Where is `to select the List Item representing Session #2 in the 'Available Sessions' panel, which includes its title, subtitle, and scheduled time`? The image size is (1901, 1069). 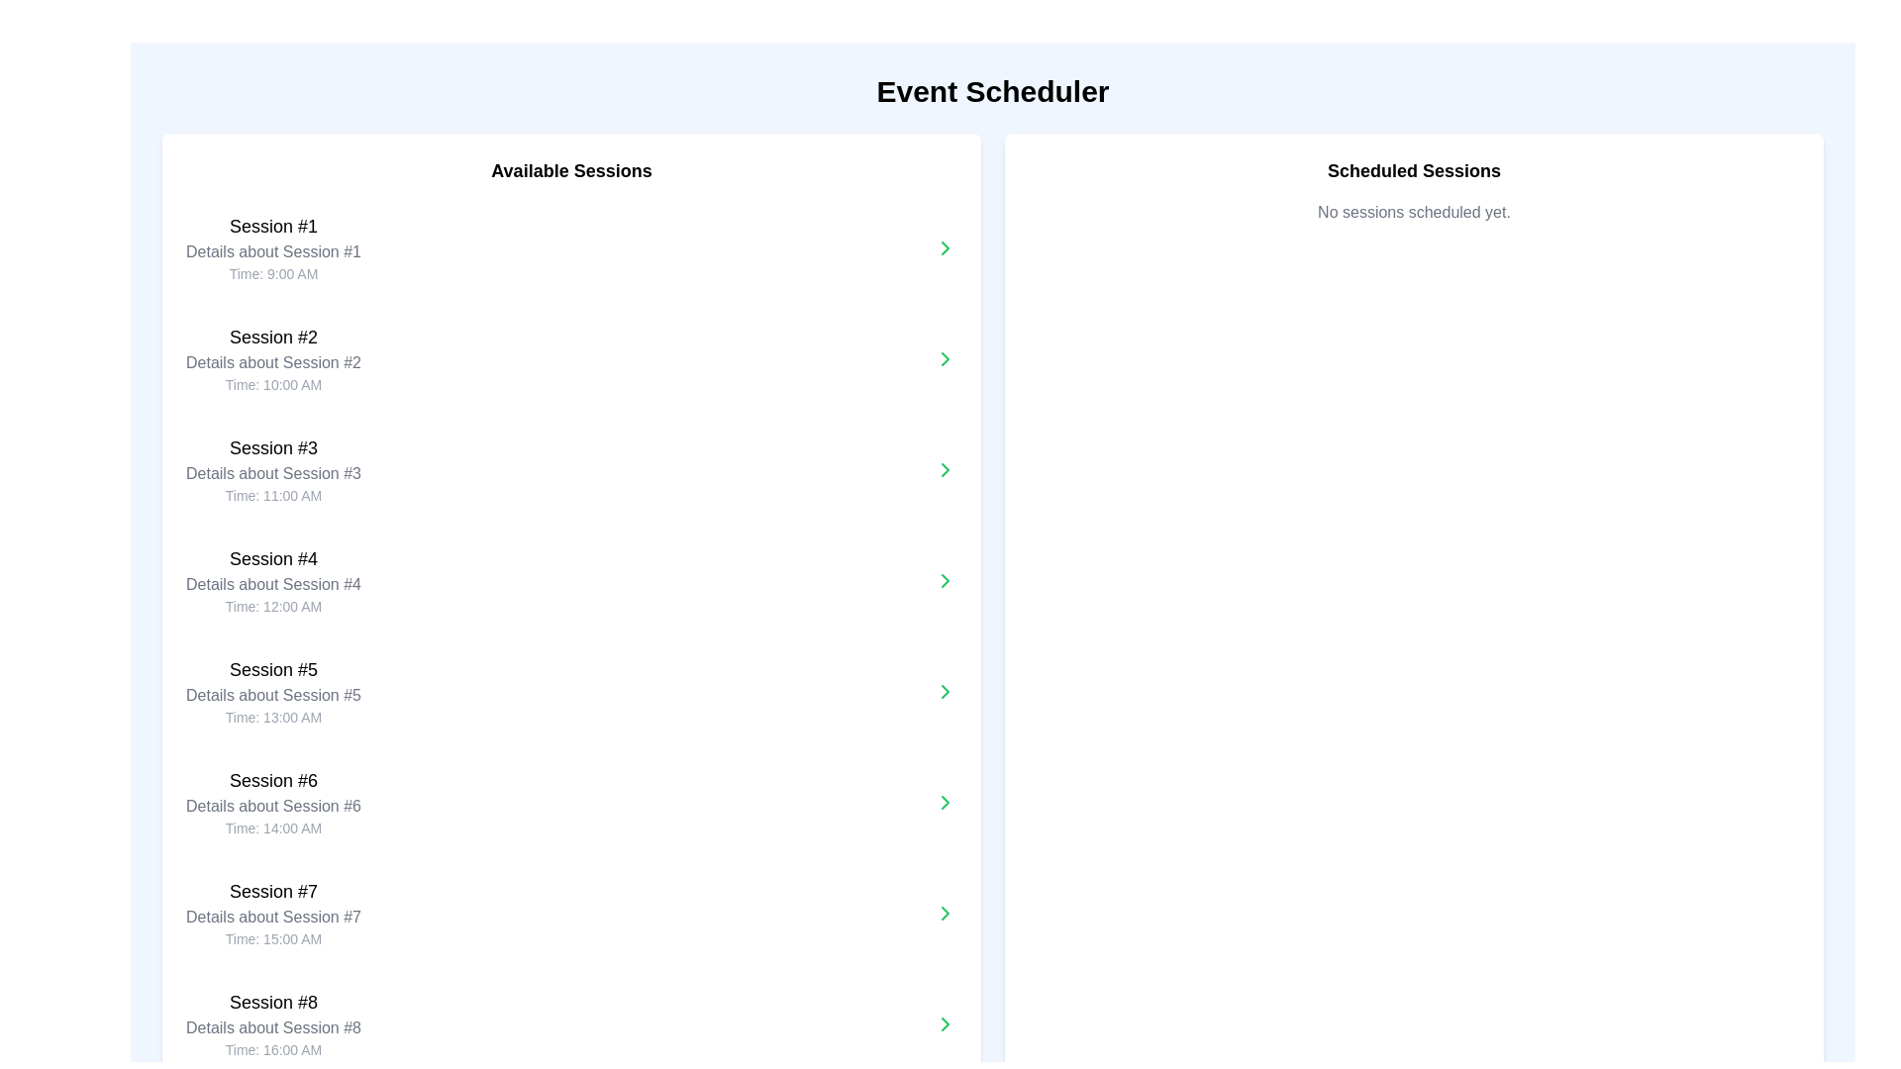
to select the List Item representing Session #2 in the 'Available Sessions' panel, which includes its title, subtitle, and scheduled time is located at coordinates (272, 358).